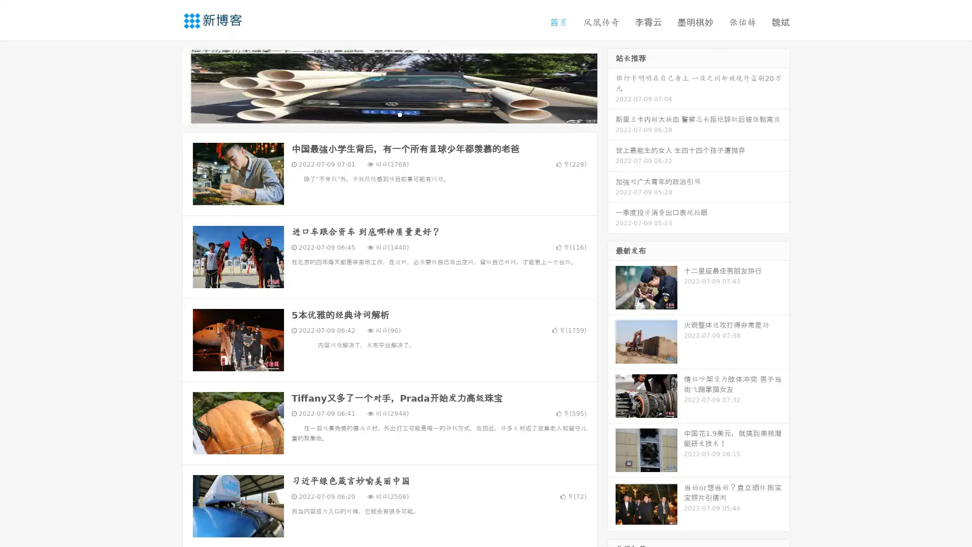 The width and height of the screenshot is (972, 547). What do you see at coordinates (379, 114) in the screenshot?
I see `Go to slide 1` at bounding box center [379, 114].